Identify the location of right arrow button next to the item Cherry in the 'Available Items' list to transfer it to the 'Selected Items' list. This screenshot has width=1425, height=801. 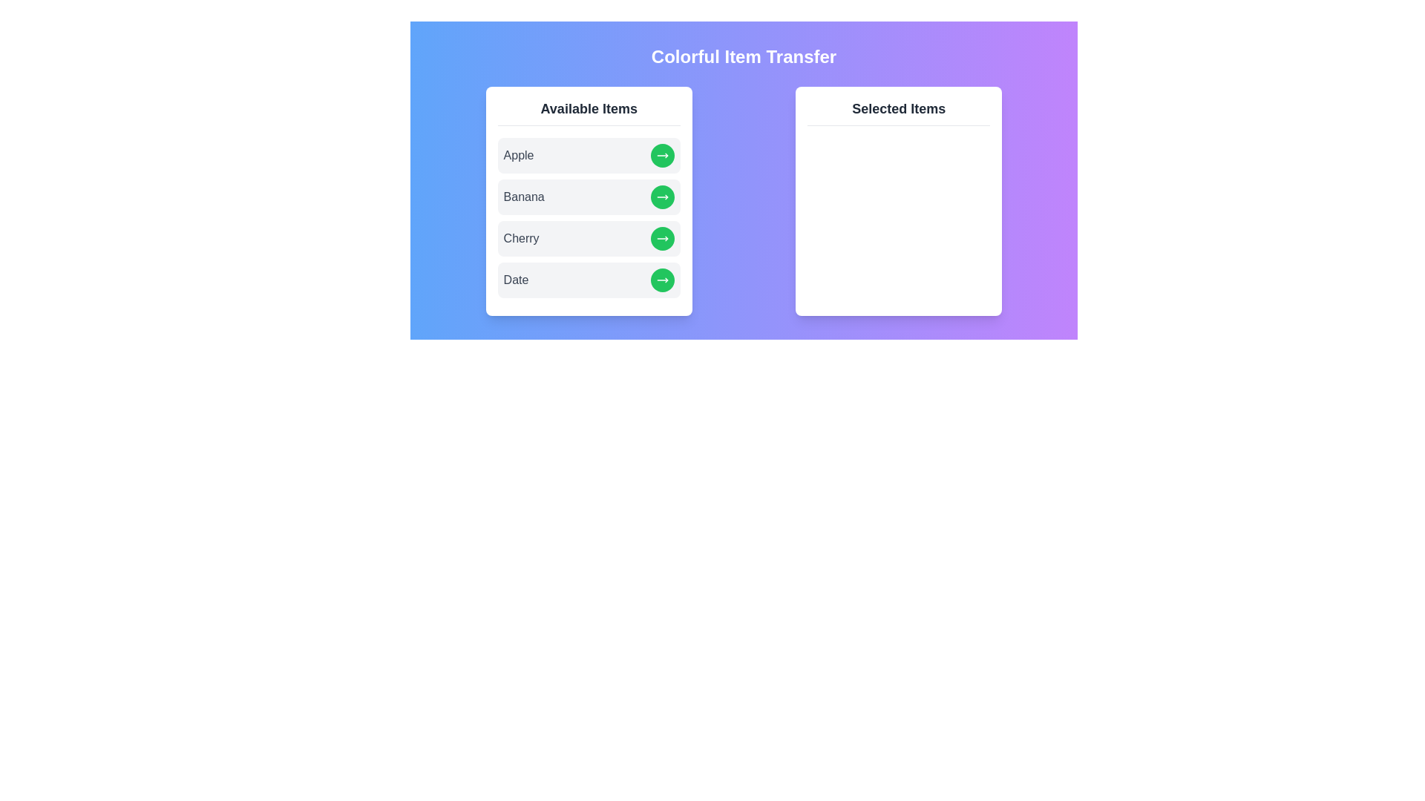
(661, 237).